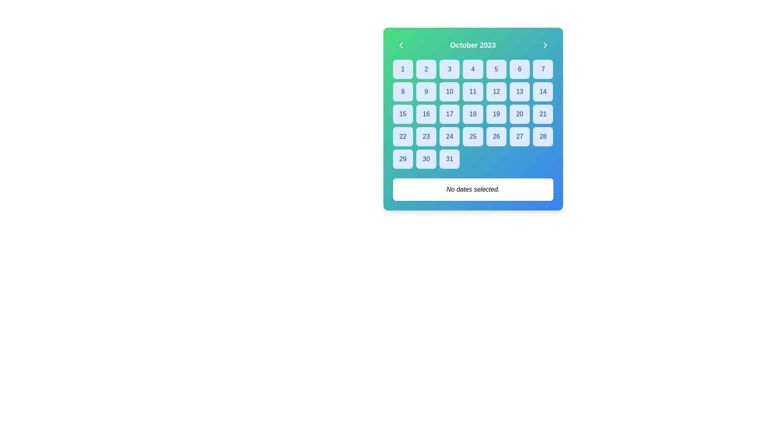 This screenshot has width=770, height=433. What do you see at coordinates (450, 159) in the screenshot?
I see `the light blue button with rounded corners that has the text '31' centered on it` at bounding box center [450, 159].